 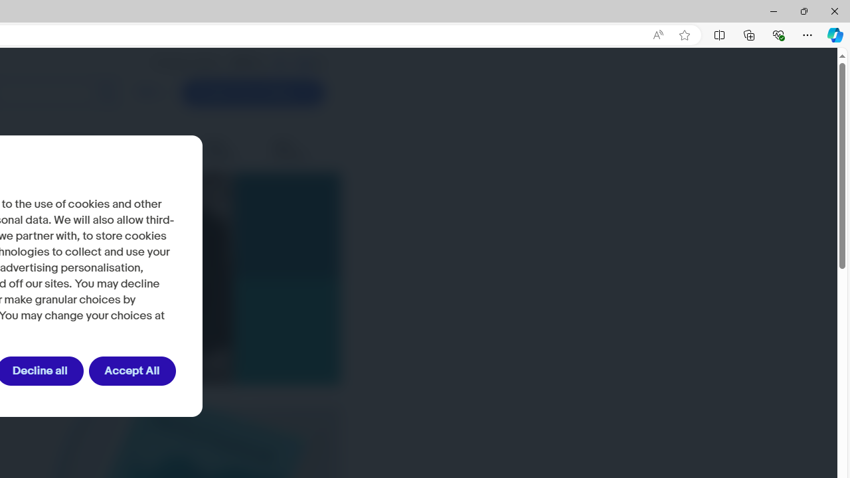 I want to click on 'Close', so click(x=833, y=11).